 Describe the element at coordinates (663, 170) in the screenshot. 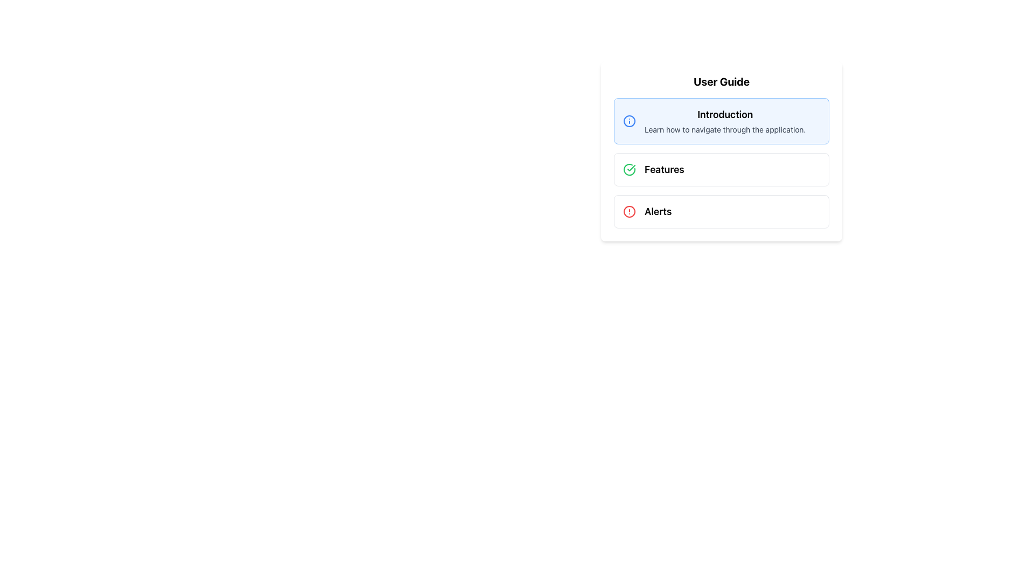

I see `the 'Features' label, which is the second item in the horizontal list under the 'User Guide' section` at that location.